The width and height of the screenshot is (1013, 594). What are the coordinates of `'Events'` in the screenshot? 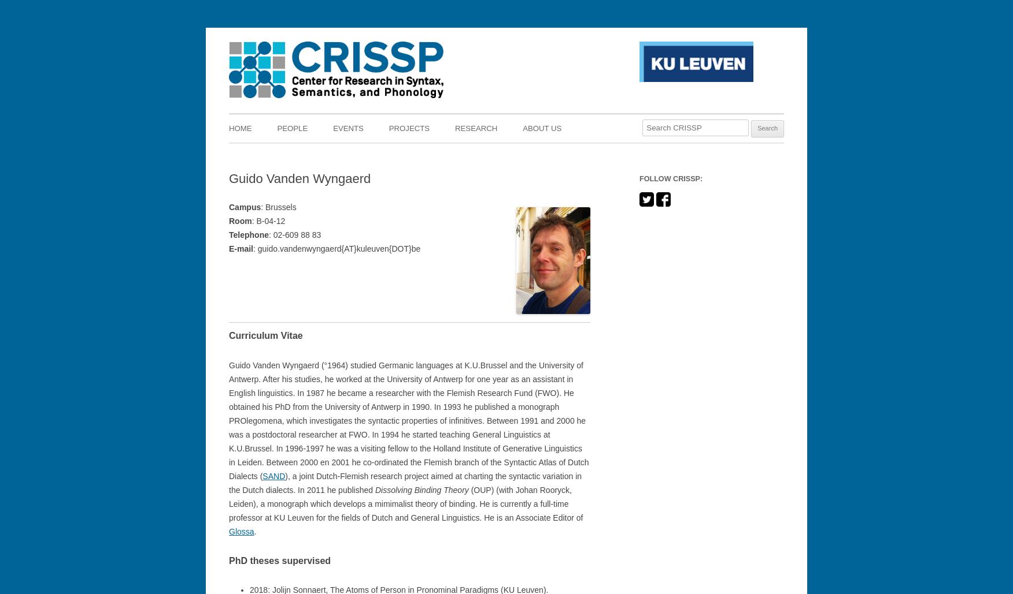 It's located at (332, 128).